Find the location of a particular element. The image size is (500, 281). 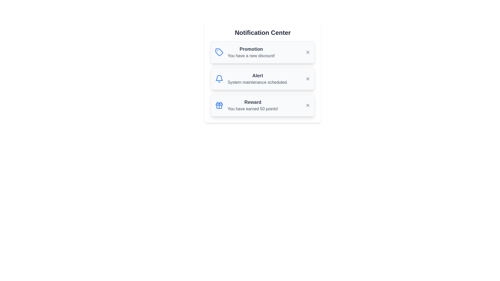

the second notification entry in the Notification Center, which informs users of a system maintenance schedule is located at coordinates (262, 79).